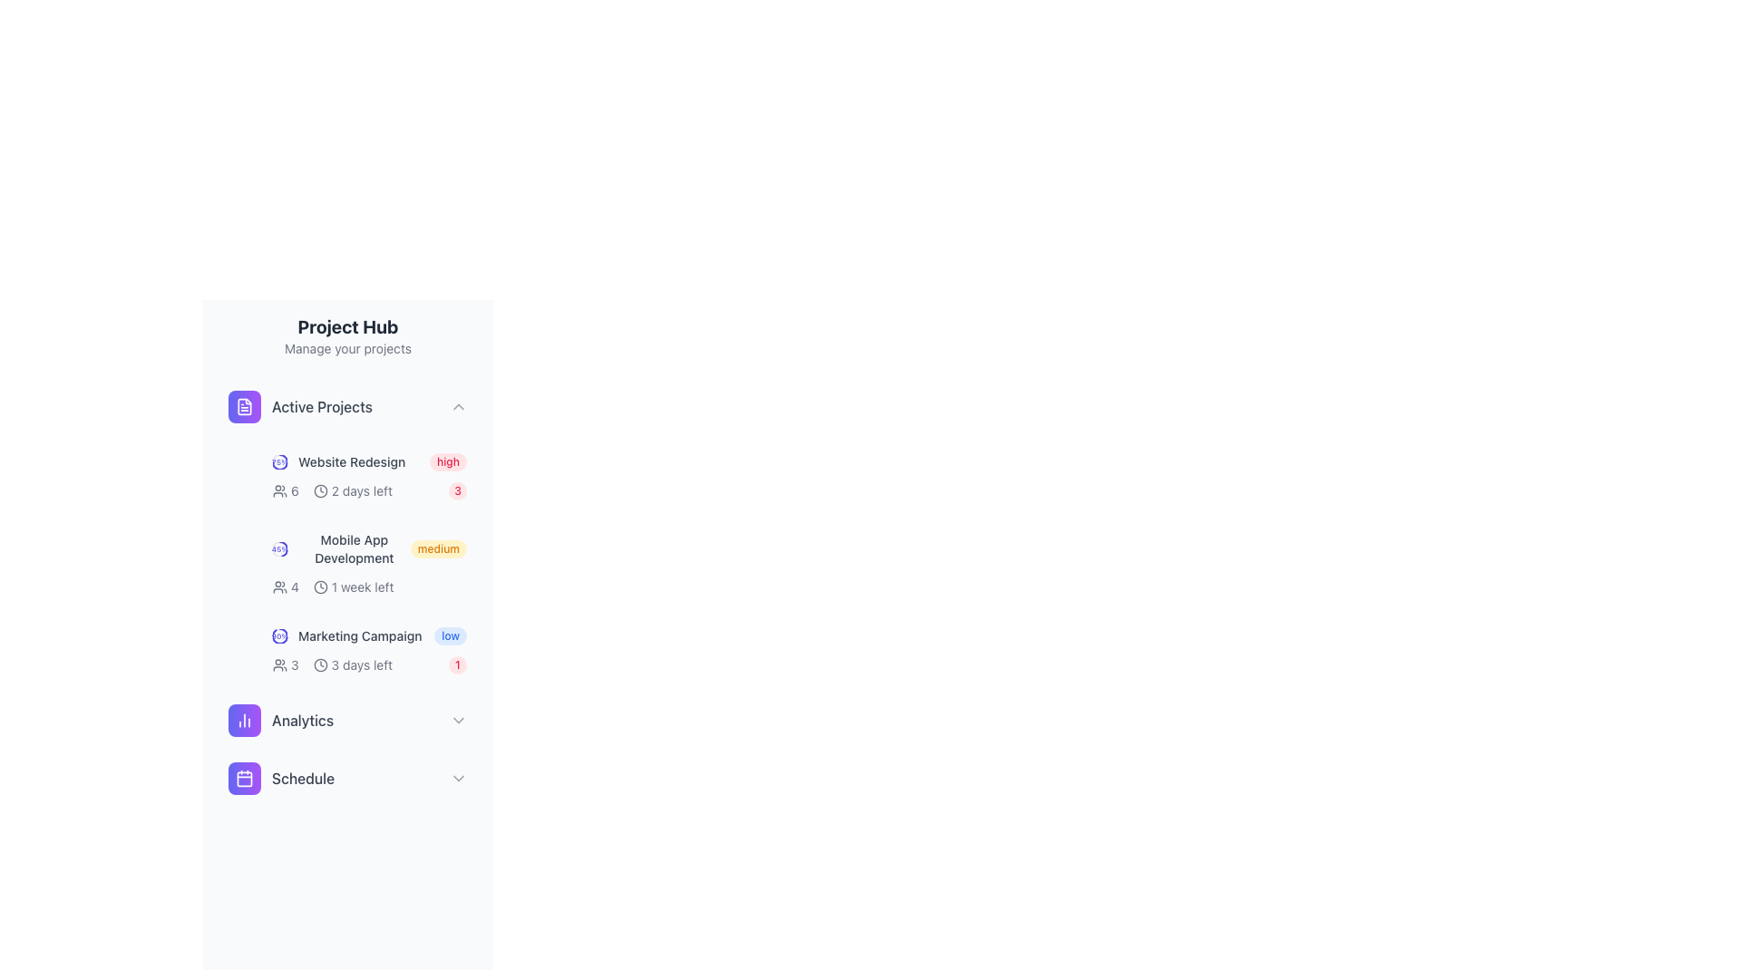 The width and height of the screenshot is (1741, 979). What do you see at coordinates (333, 664) in the screenshot?
I see `the textual label displaying '3 days left' with a clock icon, located in the third section of tasks titled 'Marketing Campaign'` at bounding box center [333, 664].